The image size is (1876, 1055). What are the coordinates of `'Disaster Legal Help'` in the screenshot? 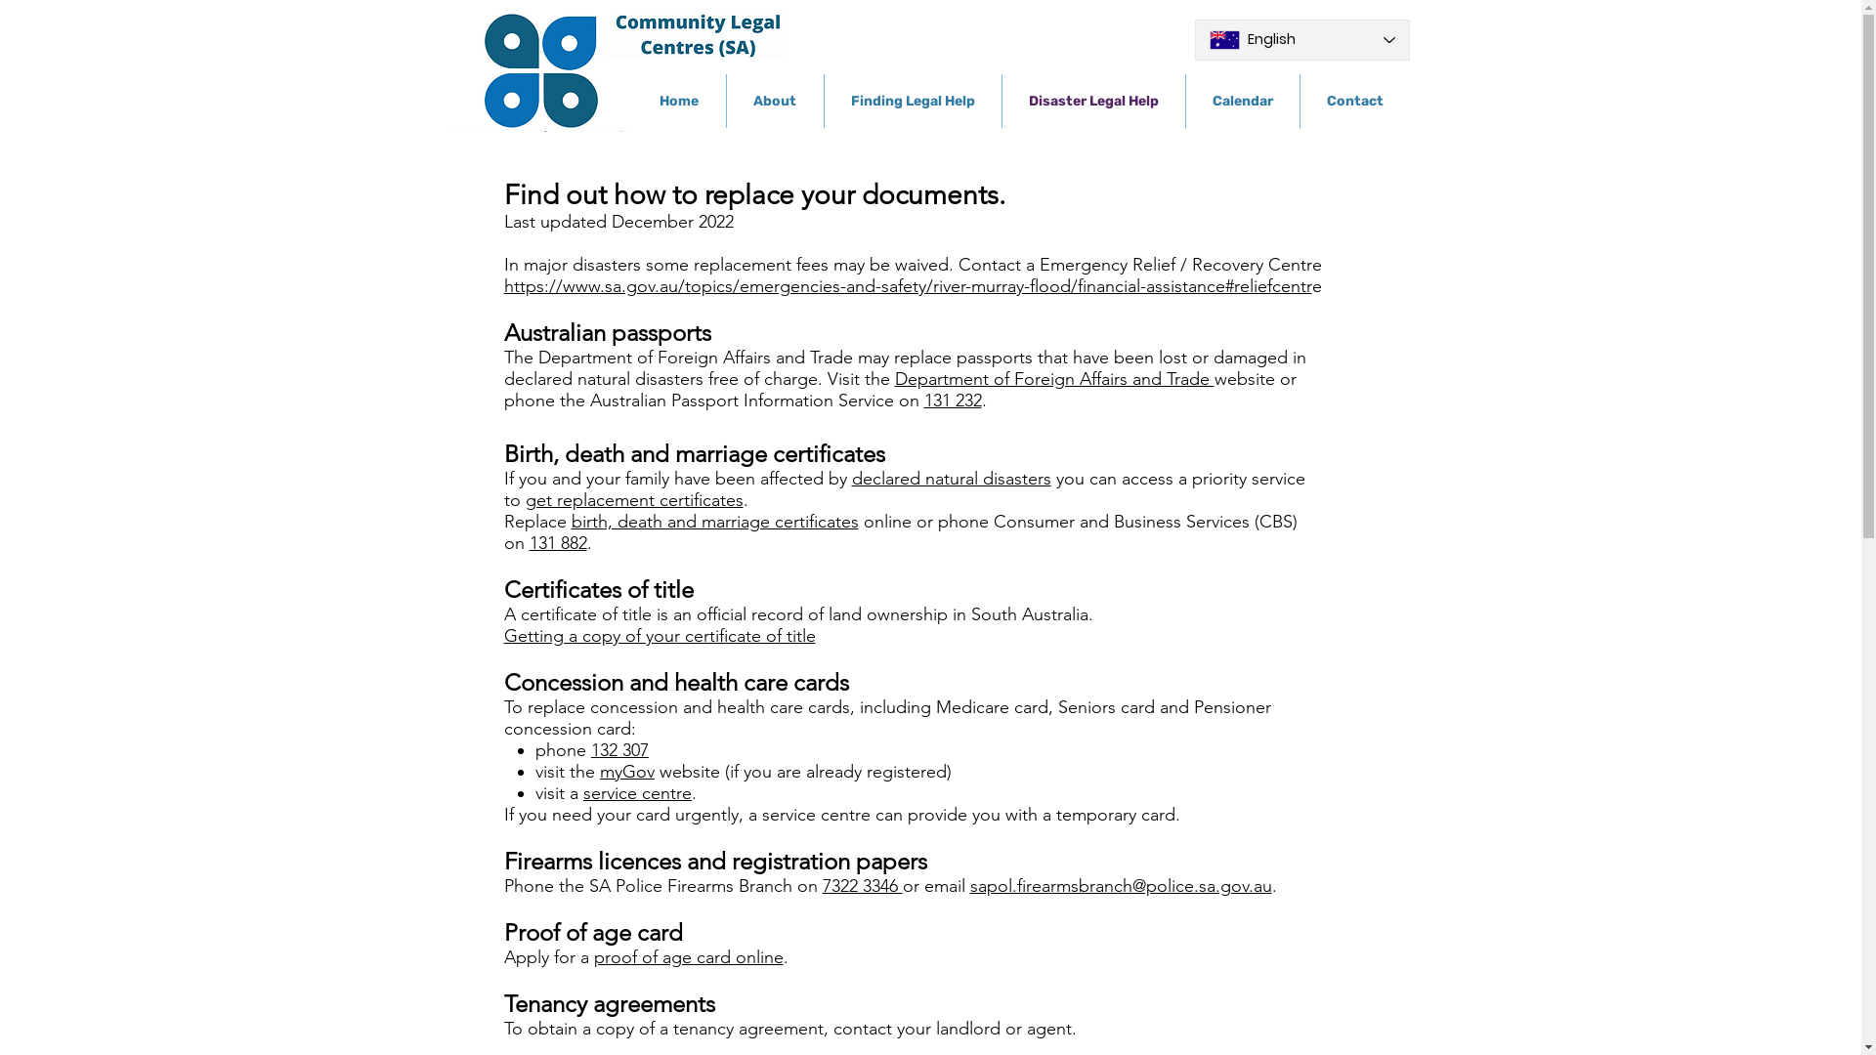 It's located at (1002, 101).